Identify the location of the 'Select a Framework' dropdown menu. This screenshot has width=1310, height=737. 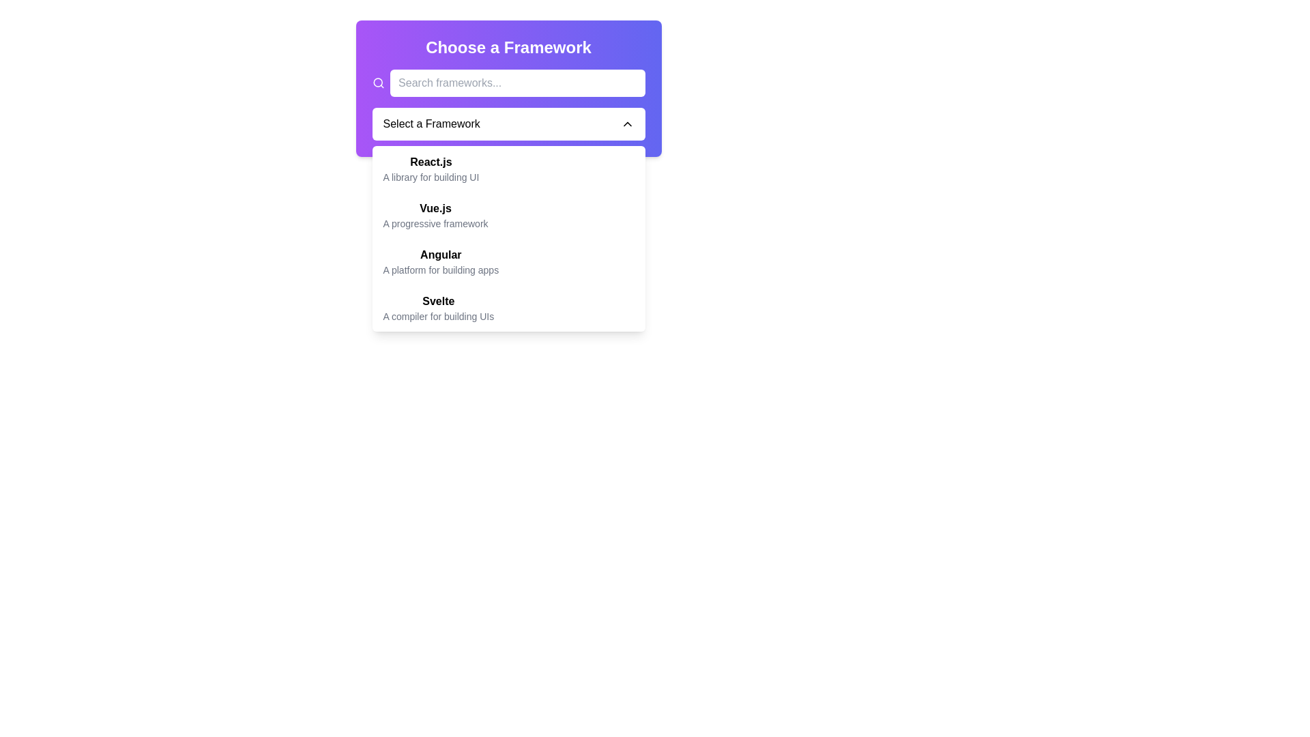
(508, 104).